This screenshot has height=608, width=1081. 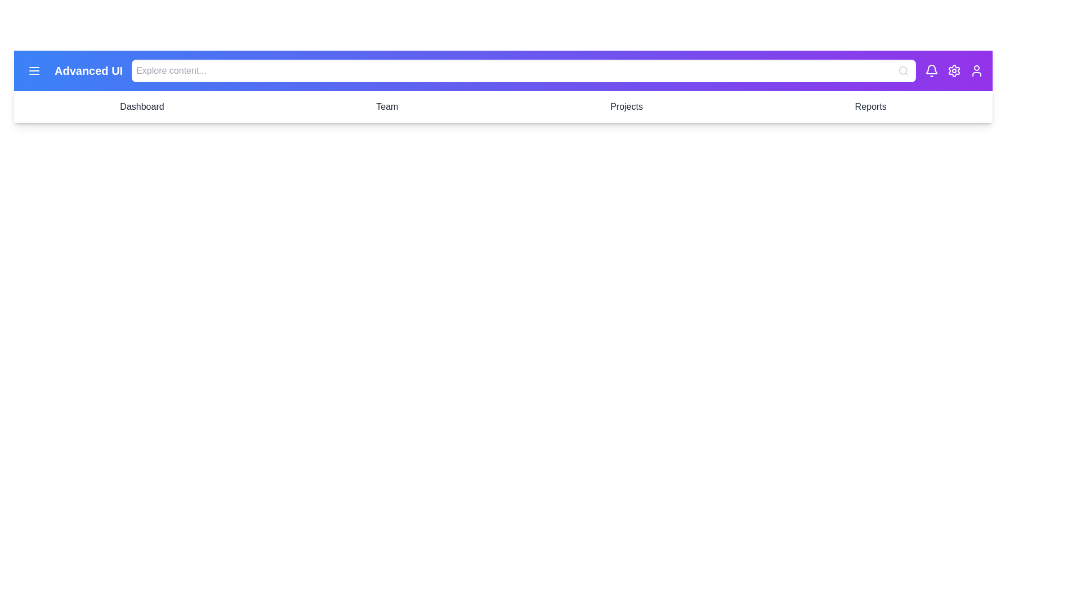 What do you see at coordinates (141, 106) in the screenshot?
I see `the Dashboard tab to navigate to the corresponding section` at bounding box center [141, 106].